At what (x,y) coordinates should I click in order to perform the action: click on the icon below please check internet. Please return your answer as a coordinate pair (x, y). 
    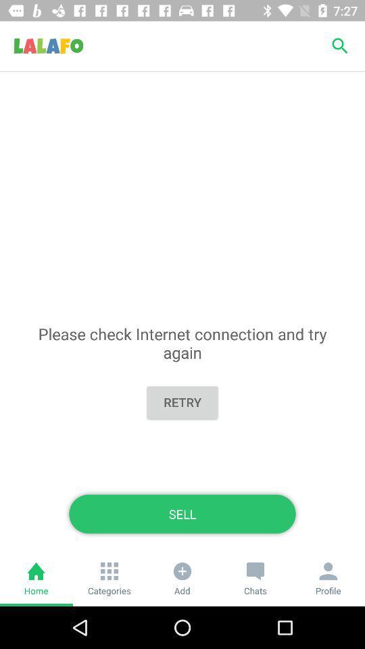
    Looking at the image, I should click on (182, 402).